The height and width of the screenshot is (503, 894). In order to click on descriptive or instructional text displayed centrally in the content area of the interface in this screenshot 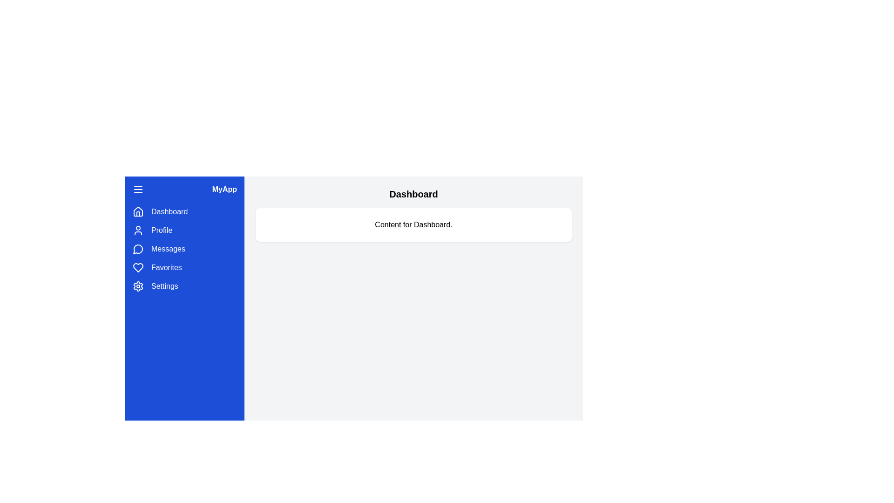, I will do `click(413, 224)`.